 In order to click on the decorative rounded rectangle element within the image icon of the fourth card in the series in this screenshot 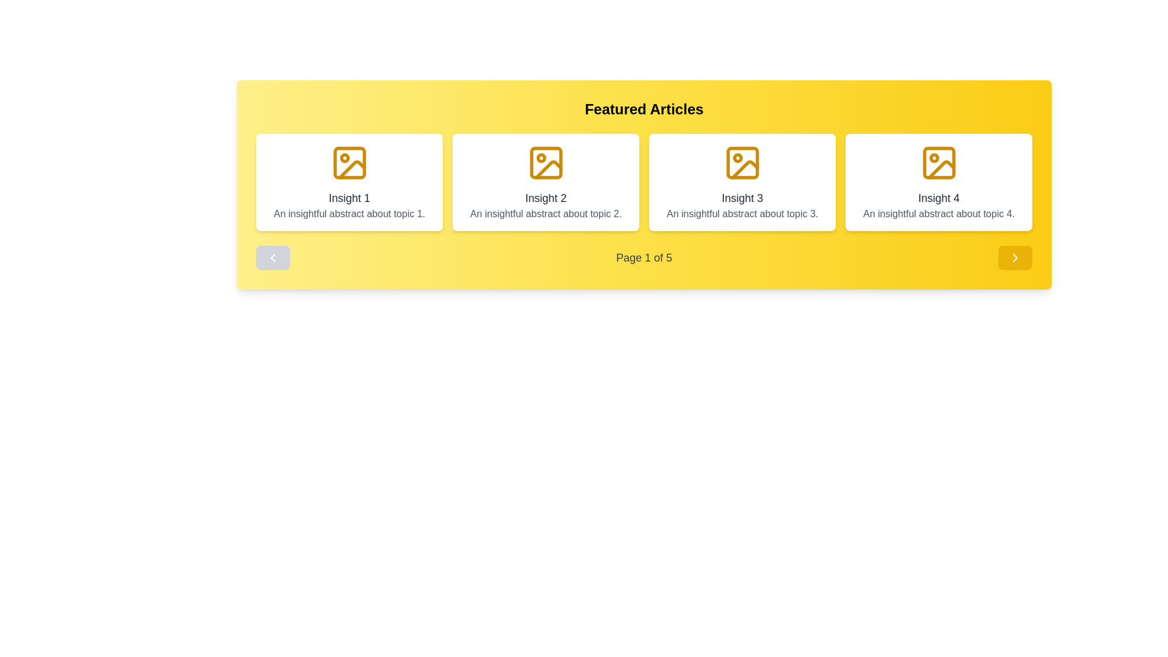, I will do `click(938, 162)`.